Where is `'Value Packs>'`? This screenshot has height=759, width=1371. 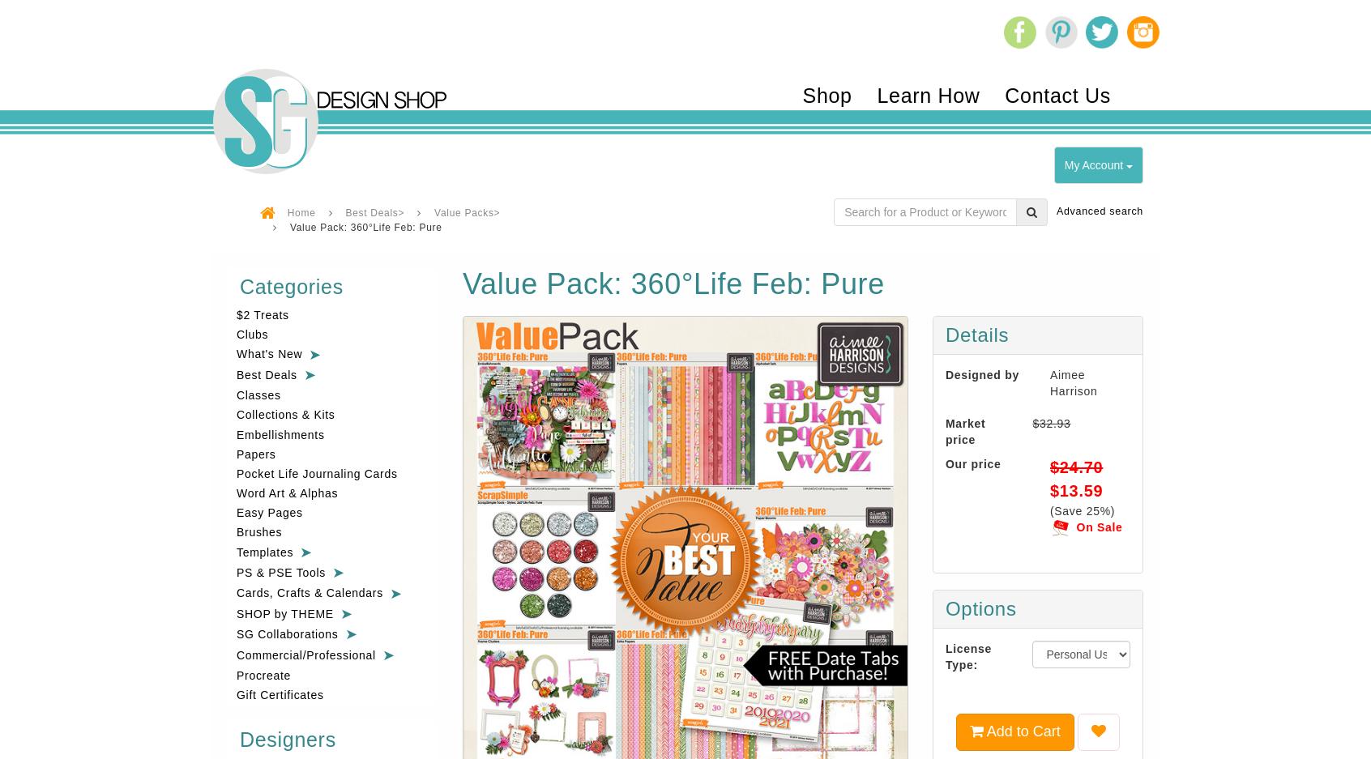
'Value Packs>' is located at coordinates (434, 211).